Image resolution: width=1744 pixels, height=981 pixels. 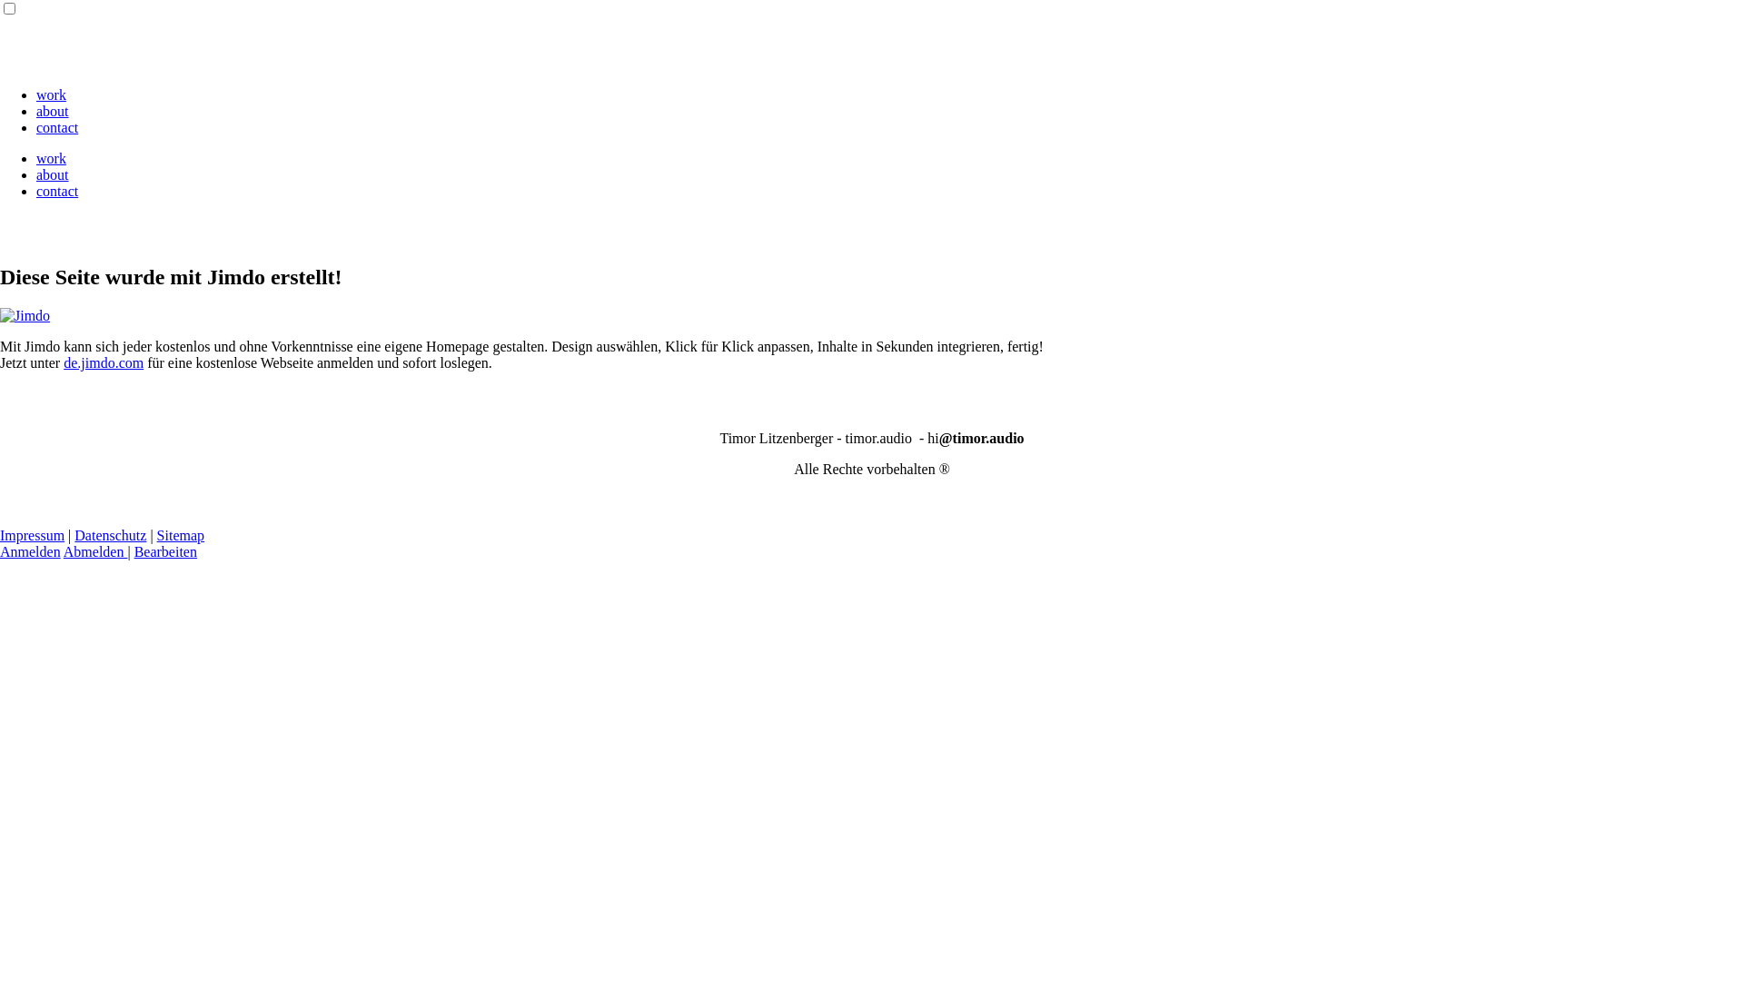 What do you see at coordinates (25, 314) in the screenshot?
I see `'Jimdo'` at bounding box center [25, 314].